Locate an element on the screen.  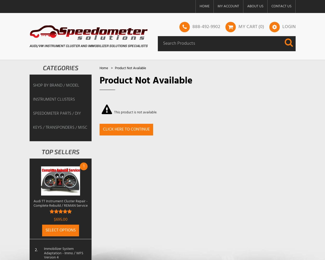
'This product is not available.' is located at coordinates (114, 112).